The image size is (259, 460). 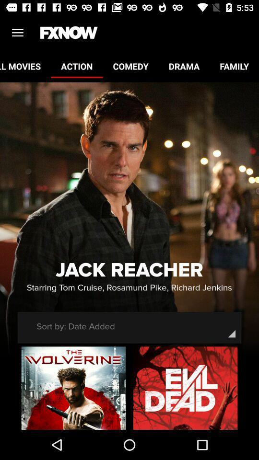 What do you see at coordinates (76, 66) in the screenshot?
I see `the item to the left of comedy icon` at bounding box center [76, 66].